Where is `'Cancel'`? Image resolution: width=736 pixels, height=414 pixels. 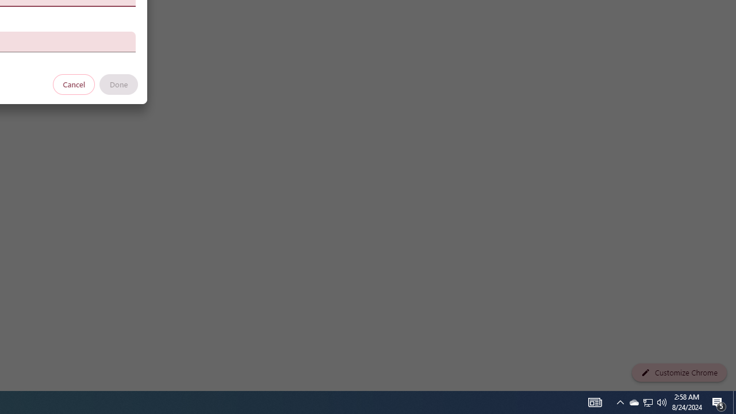 'Cancel' is located at coordinates (74, 83).